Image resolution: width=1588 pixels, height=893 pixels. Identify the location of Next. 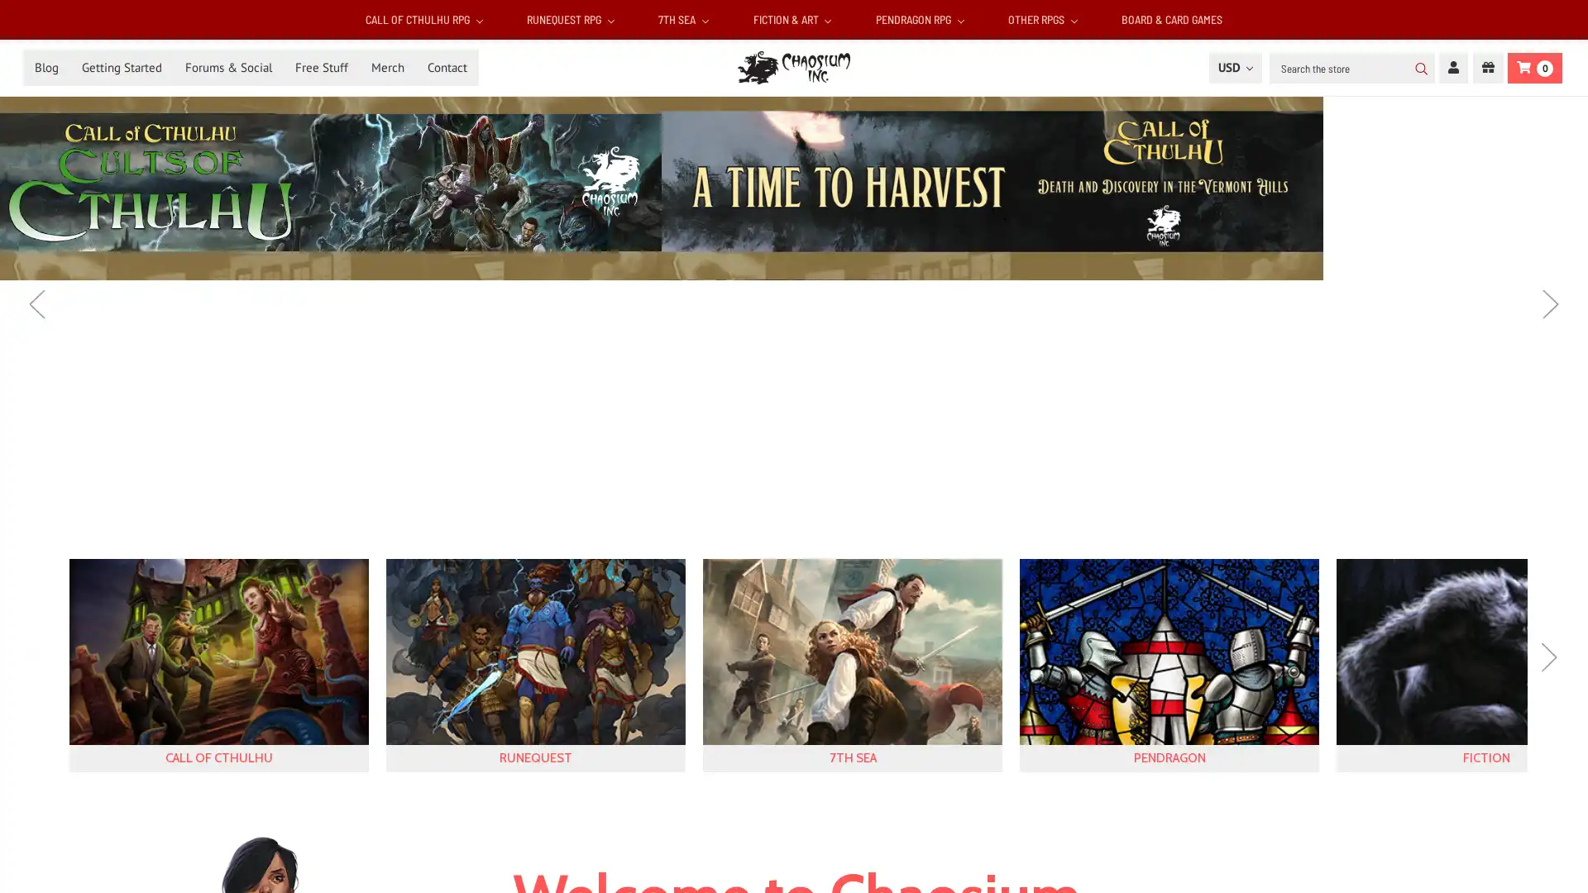
(1550, 303).